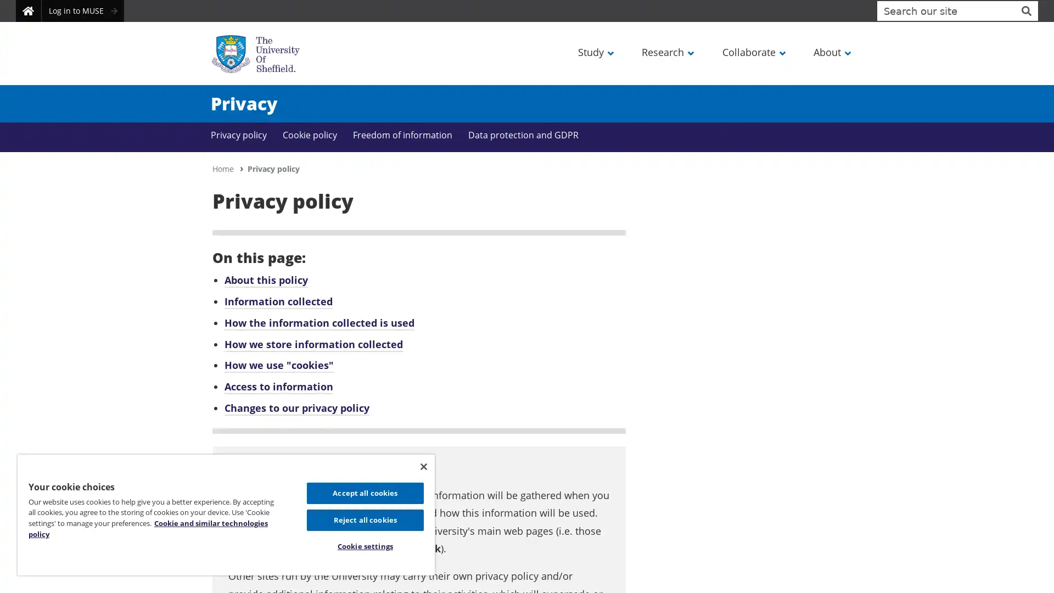 This screenshot has width=1054, height=593. Describe the element at coordinates (666, 52) in the screenshot. I see `Research` at that location.